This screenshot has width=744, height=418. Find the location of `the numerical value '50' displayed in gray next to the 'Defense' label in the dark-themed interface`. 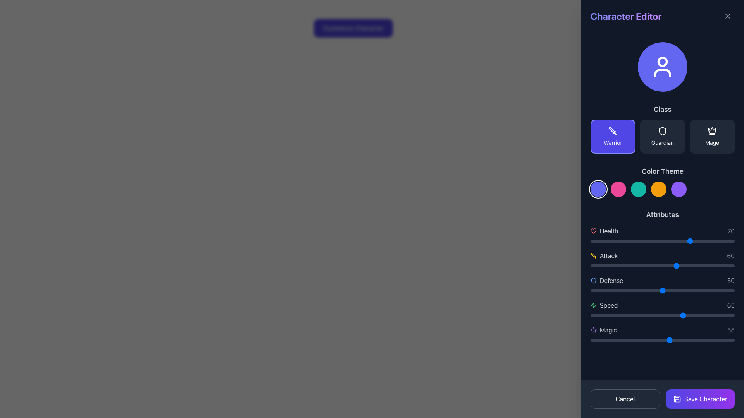

the numerical value '50' displayed in gray next to the 'Defense' label in the dark-themed interface is located at coordinates (730, 281).